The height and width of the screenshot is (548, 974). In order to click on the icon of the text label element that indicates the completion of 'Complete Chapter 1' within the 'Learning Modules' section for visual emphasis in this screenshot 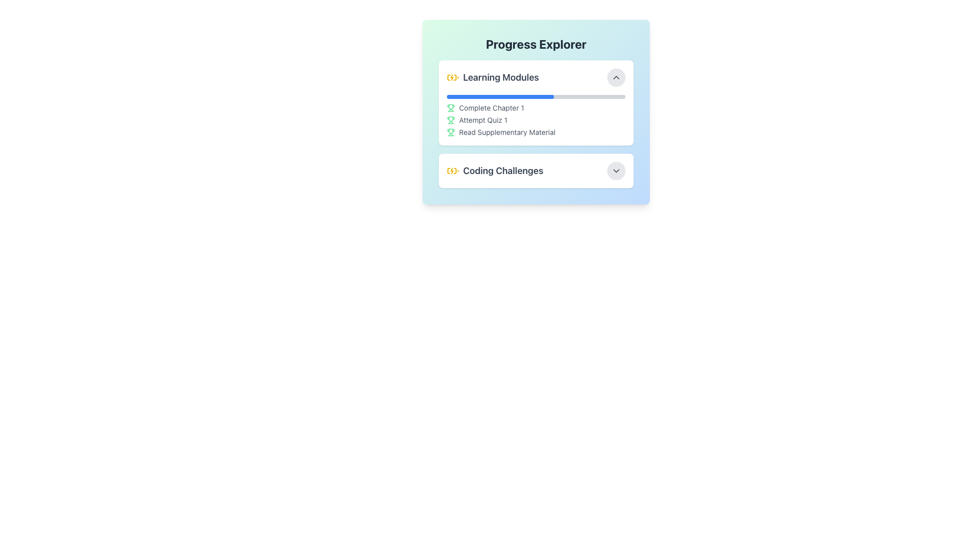, I will do `click(535, 108)`.